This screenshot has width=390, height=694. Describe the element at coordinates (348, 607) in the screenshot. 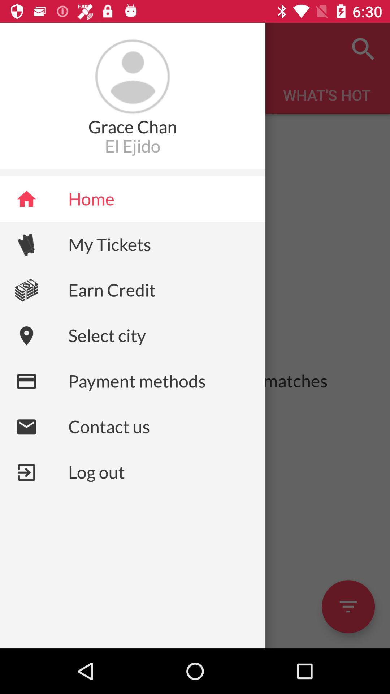

I see `the filter icon` at that location.